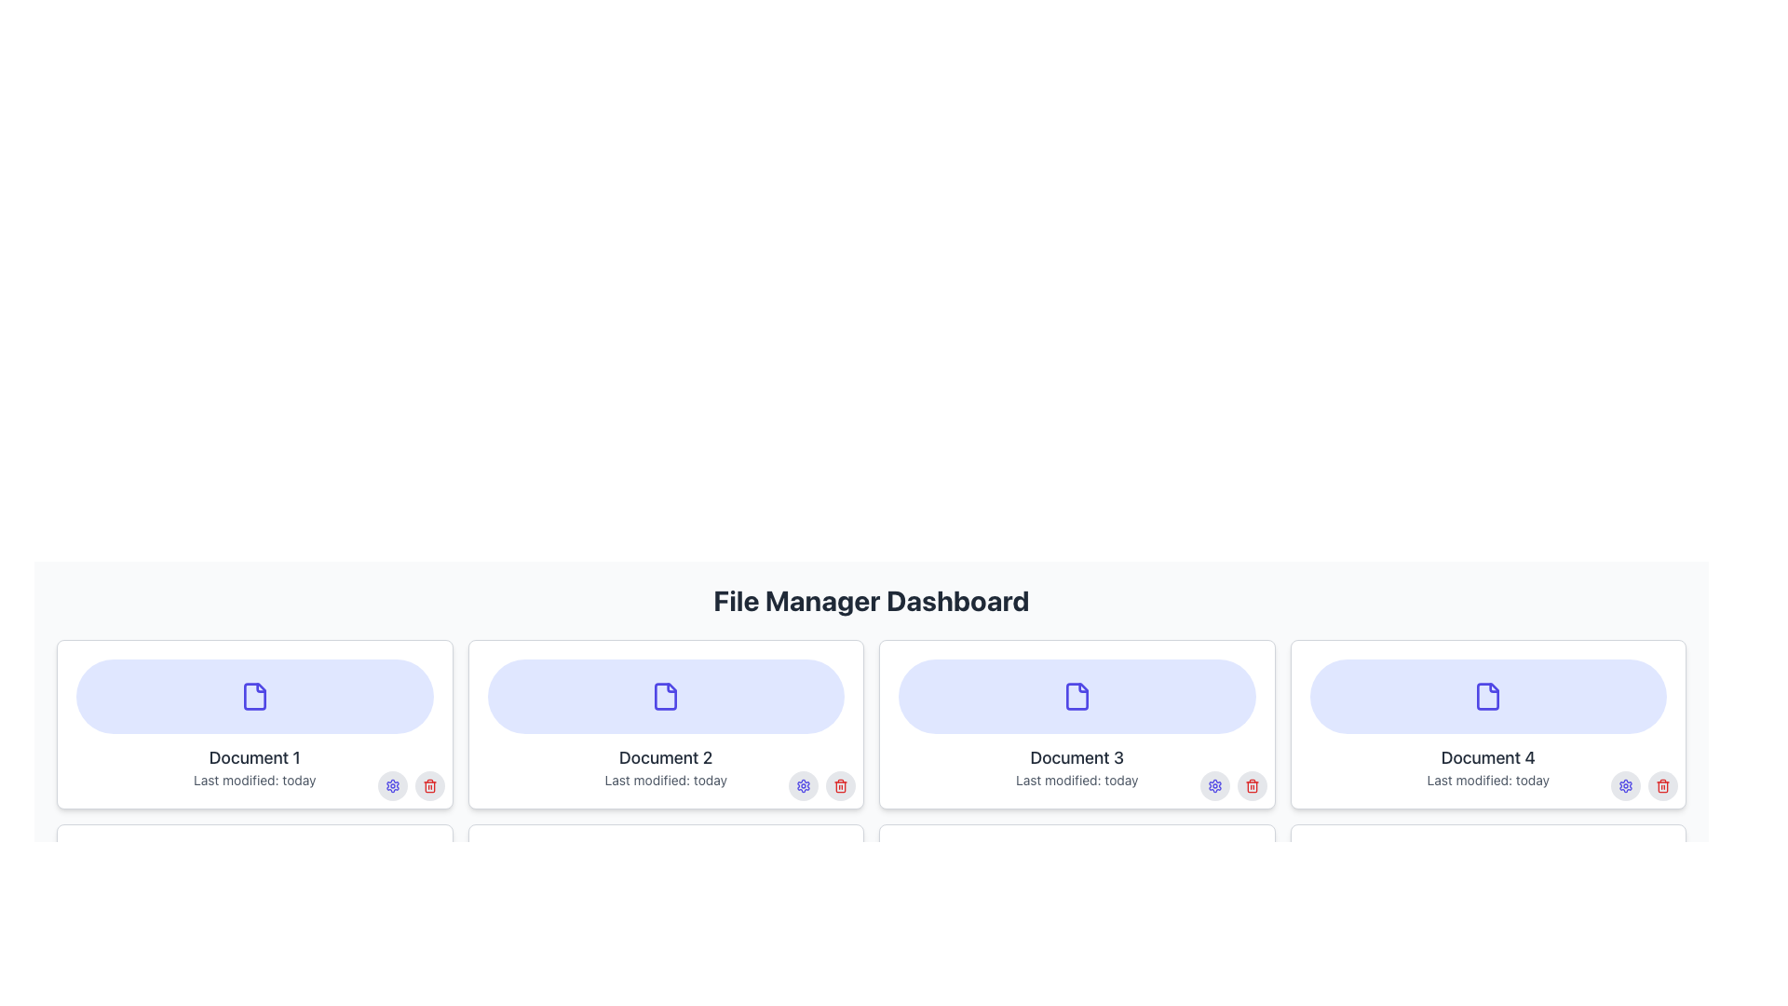  What do you see at coordinates (839, 786) in the screenshot?
I see `the red trash icon button located at the bottom-right corner of the 'Document 2' card` at bounding box center [839, 786].